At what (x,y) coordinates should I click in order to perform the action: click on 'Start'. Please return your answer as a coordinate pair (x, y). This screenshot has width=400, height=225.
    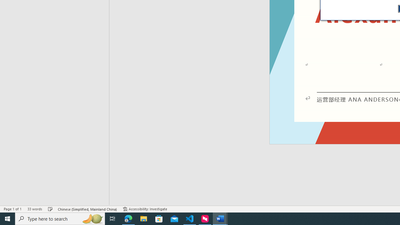
    Looking at the image, I should click on (7, 218).